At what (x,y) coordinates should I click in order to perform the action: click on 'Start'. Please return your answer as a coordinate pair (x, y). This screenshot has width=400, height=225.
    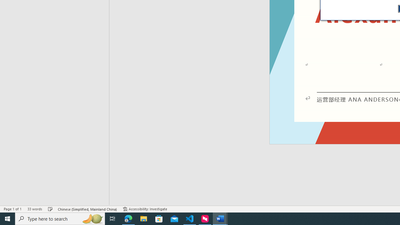
    Looking at the image, I should click on (7, 218).